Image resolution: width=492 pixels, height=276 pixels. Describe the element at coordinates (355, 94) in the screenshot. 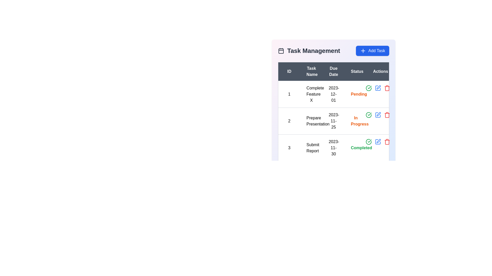

I see `the text label displaying 'Pending' in orange color, which is located in the 'Status' column for the task 'Complete Feature X'` at that location.